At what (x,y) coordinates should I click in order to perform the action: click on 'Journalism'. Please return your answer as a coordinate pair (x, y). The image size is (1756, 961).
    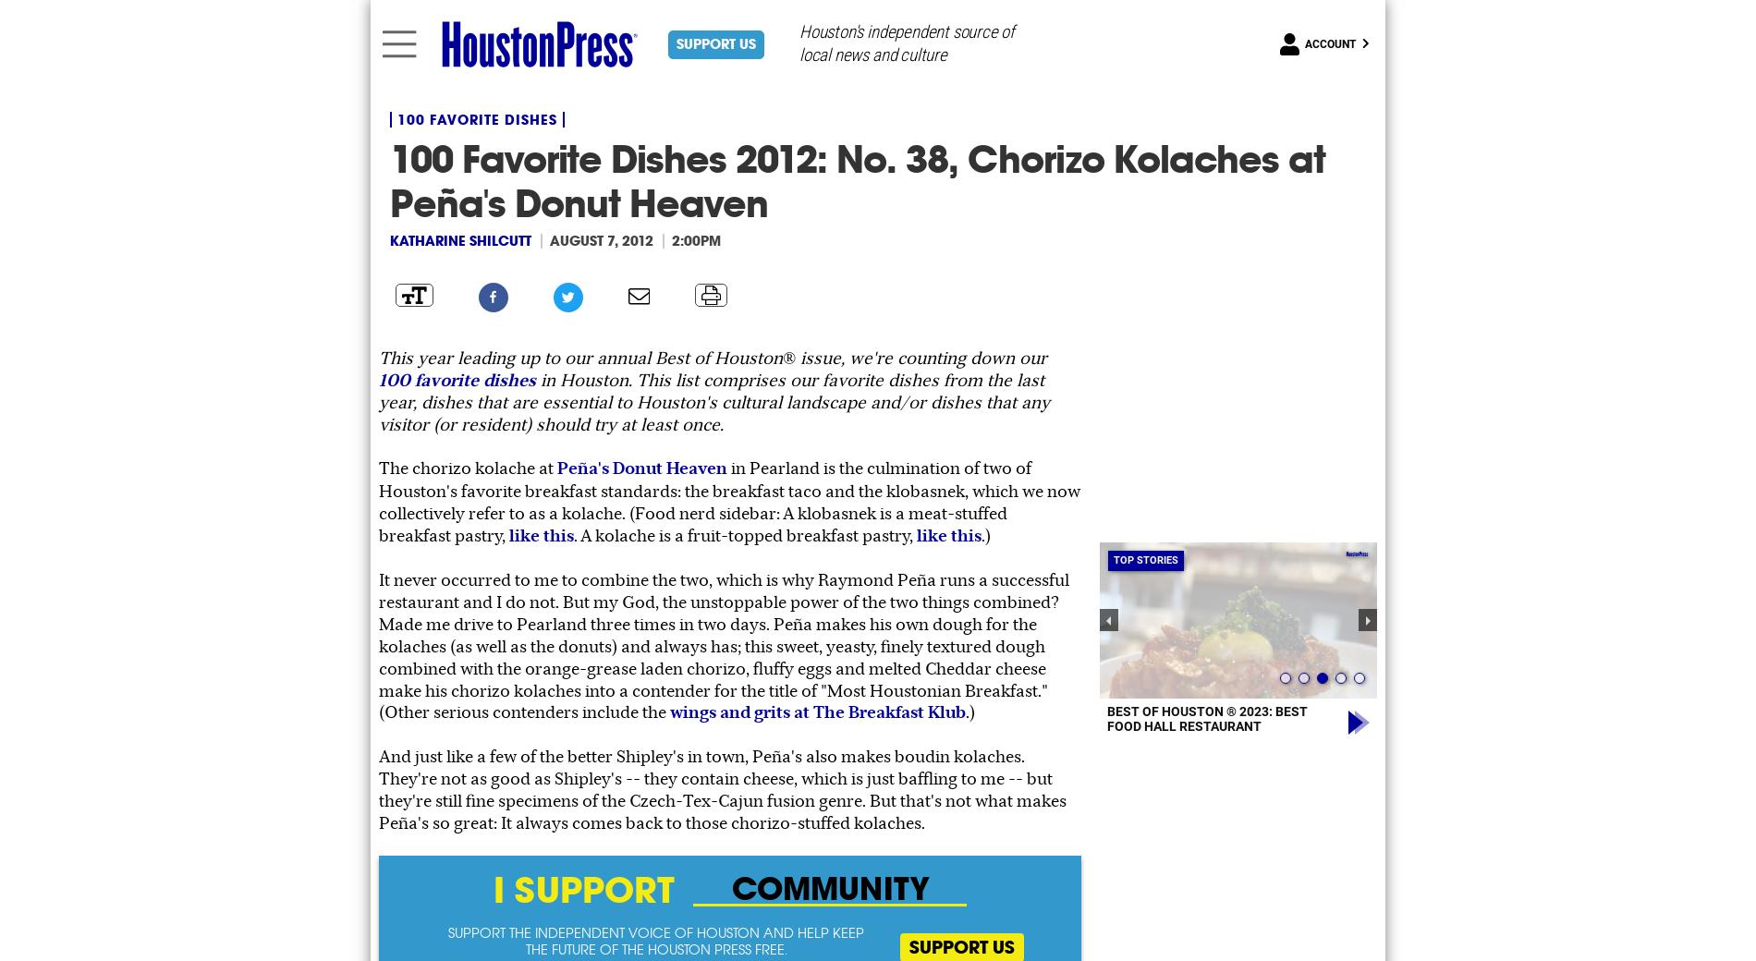
    Looking at the image, I should click on (1649, 887).